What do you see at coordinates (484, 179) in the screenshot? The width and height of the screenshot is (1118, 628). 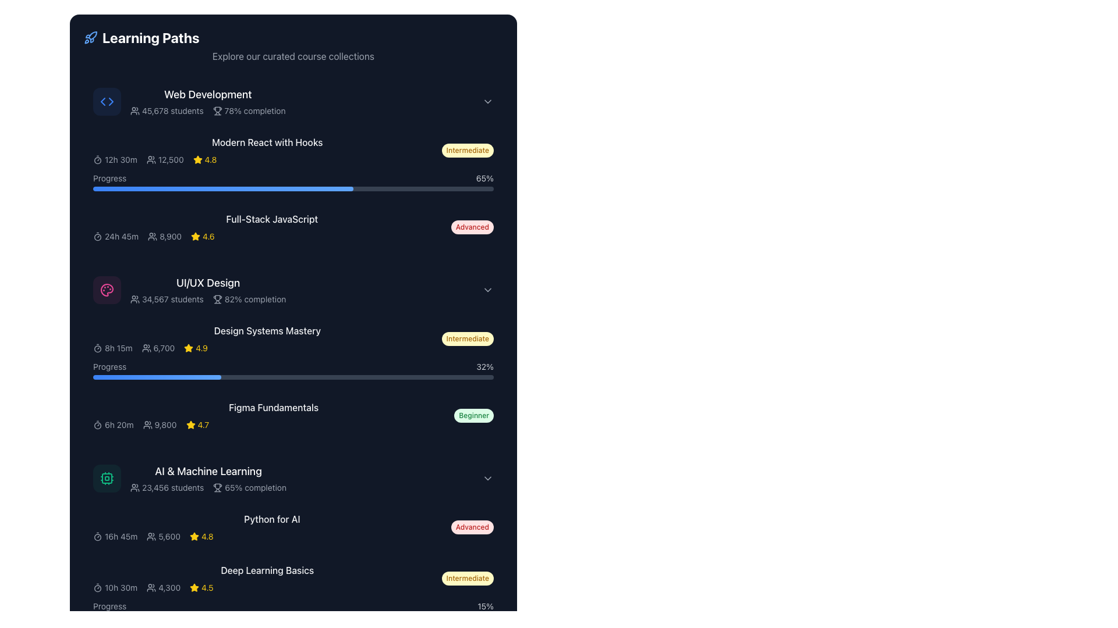 I see `text value displayed in the light gray Text label showing '65%' positioned at the top-right corner of the progress bar for the 'AI & Machine Learning' course` at bounding box center [484, 179].